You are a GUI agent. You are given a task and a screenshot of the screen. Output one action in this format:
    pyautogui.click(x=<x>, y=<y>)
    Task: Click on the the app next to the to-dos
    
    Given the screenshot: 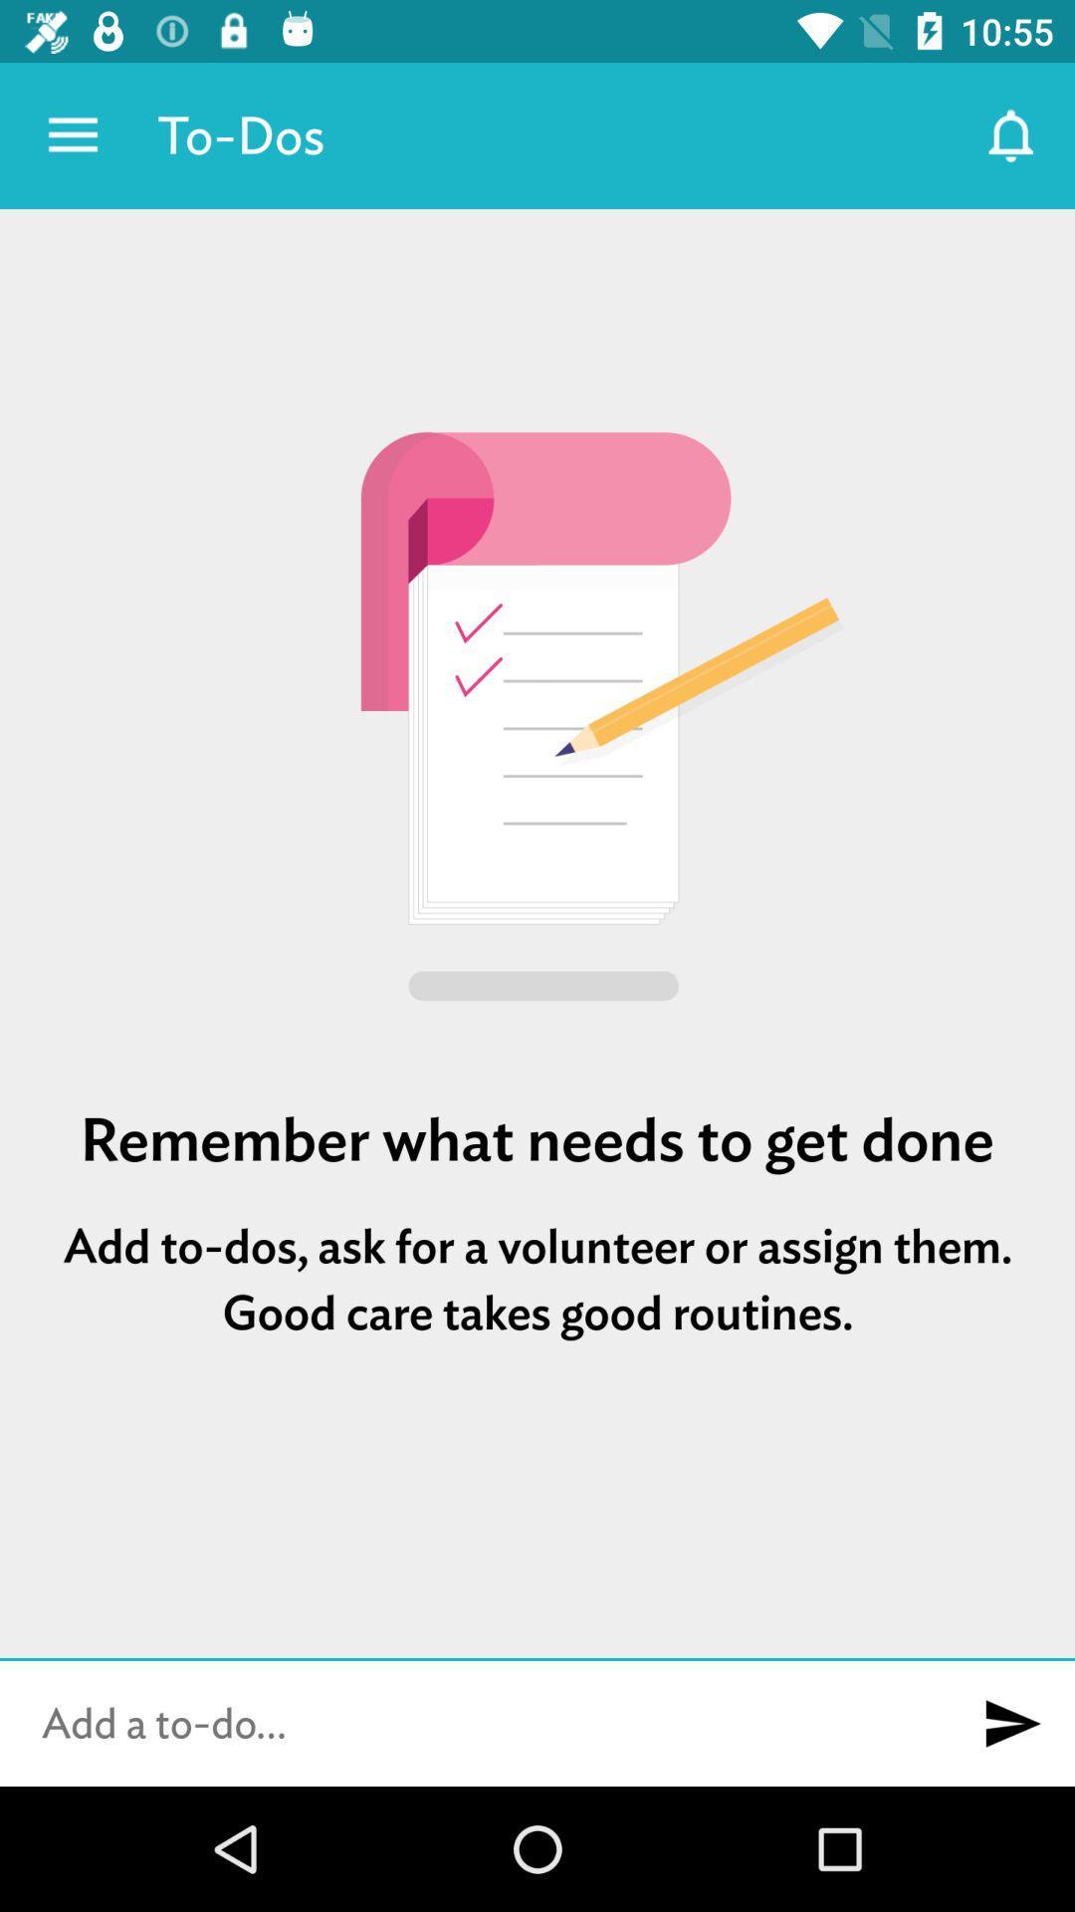 What is the action you would take?
    pyautogui.click(x=1012, y=134)
    